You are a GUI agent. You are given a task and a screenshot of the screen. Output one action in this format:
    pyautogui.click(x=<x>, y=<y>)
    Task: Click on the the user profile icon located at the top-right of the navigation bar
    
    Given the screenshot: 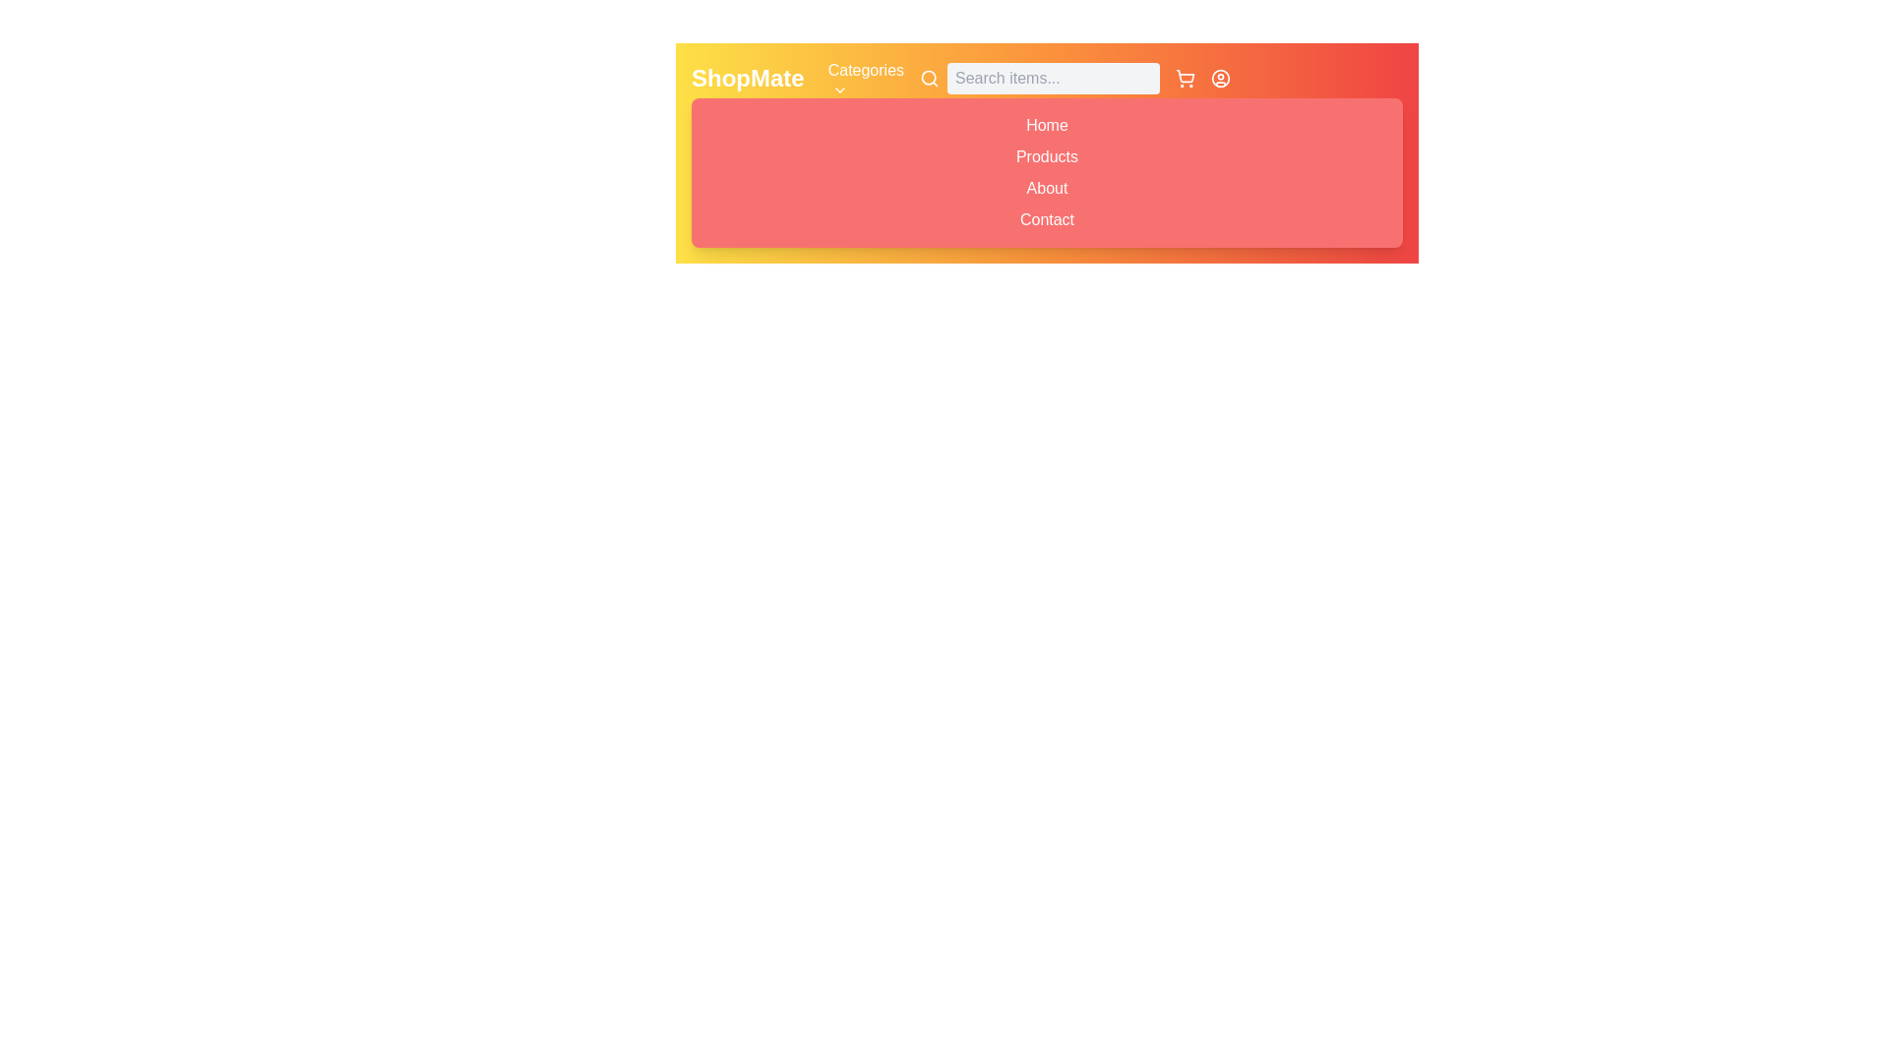 What is the action you would take?
    pyautogui.click(x=1220, y=78)
    